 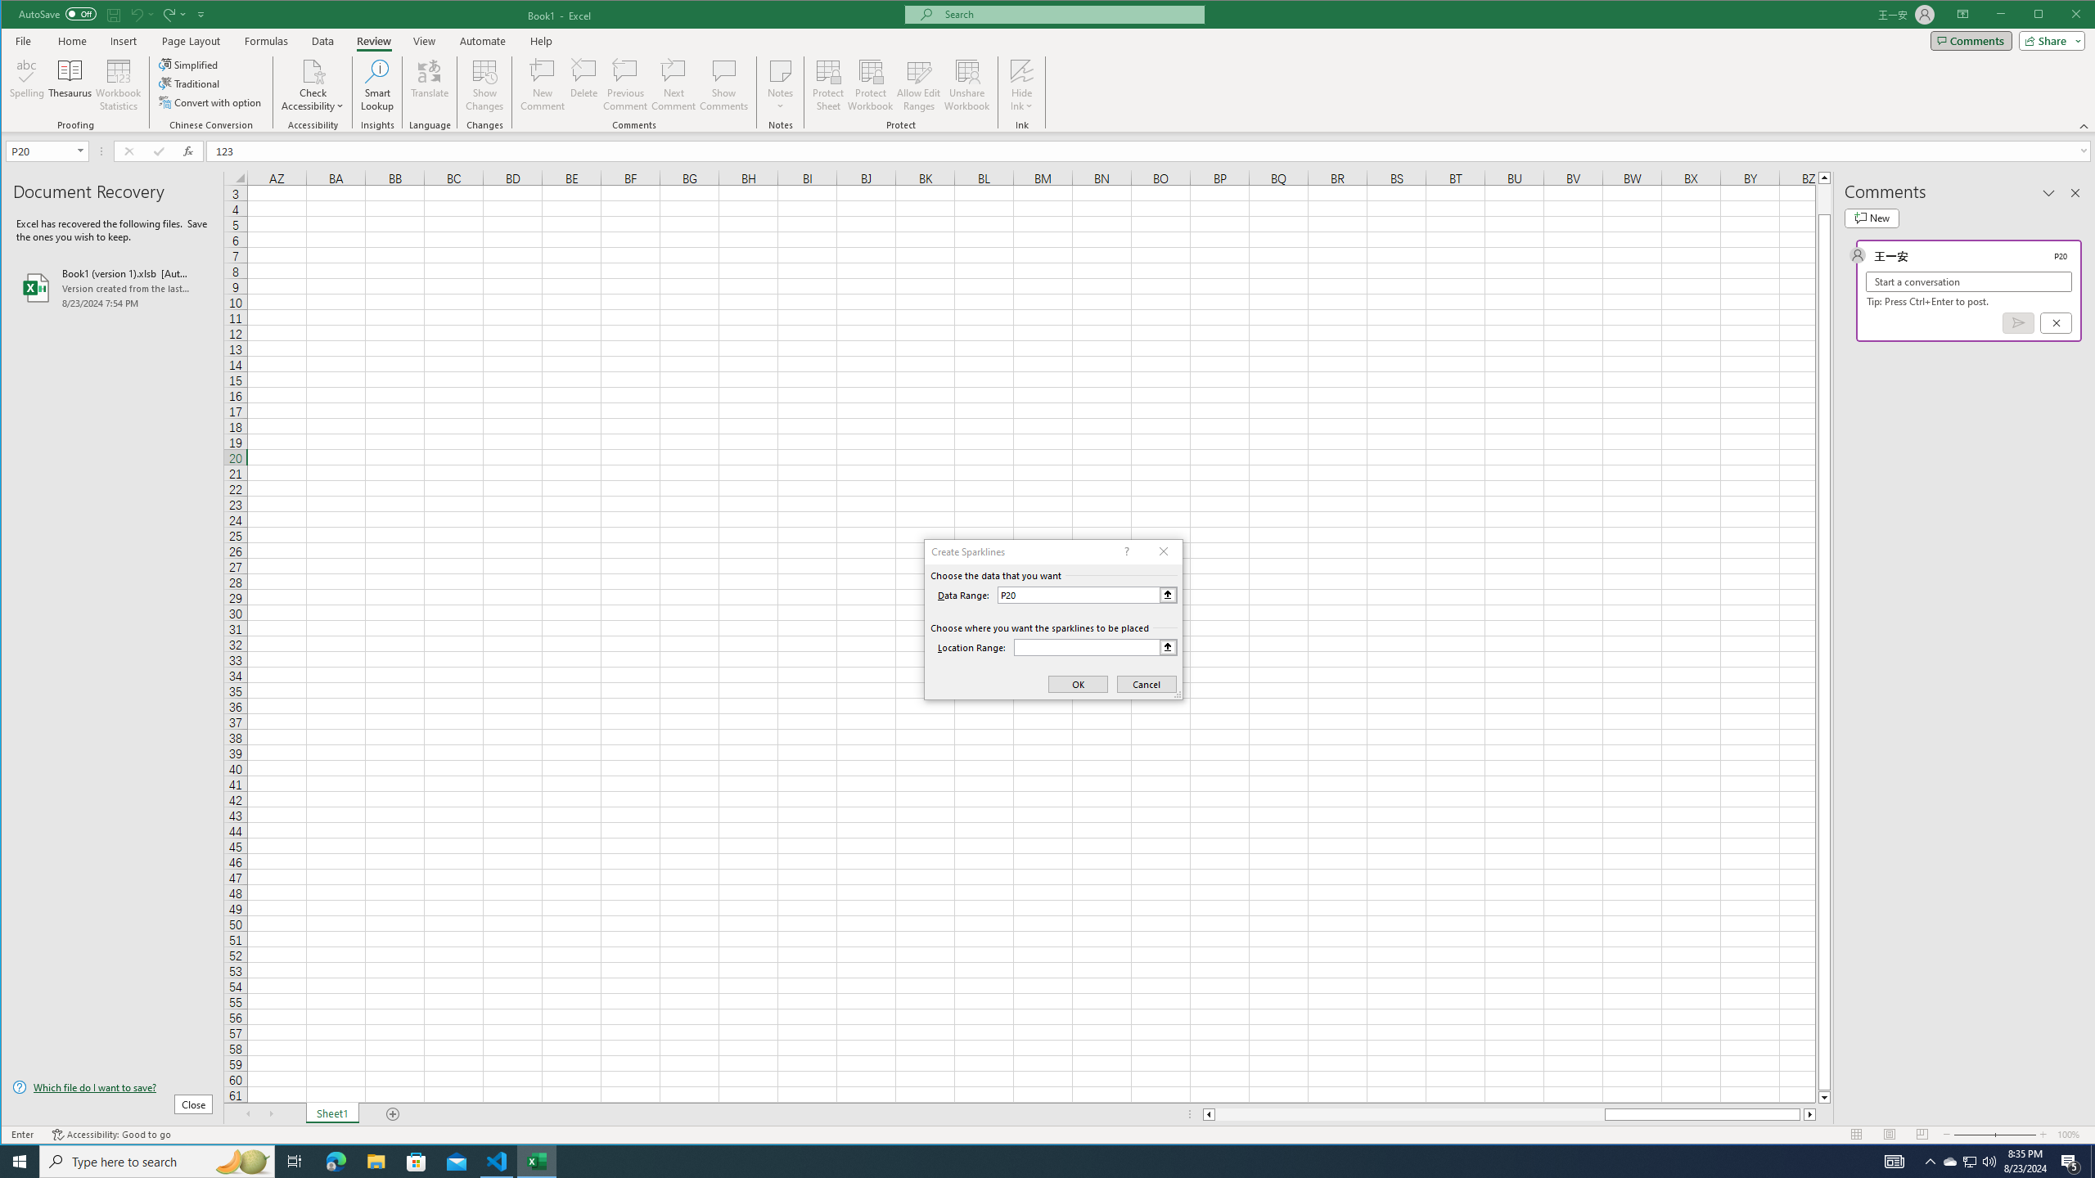 What do you see at coordinates (870, 84) in the screenshot?
I see `'Protect Workbook...'` at bounding box center [870, 84].